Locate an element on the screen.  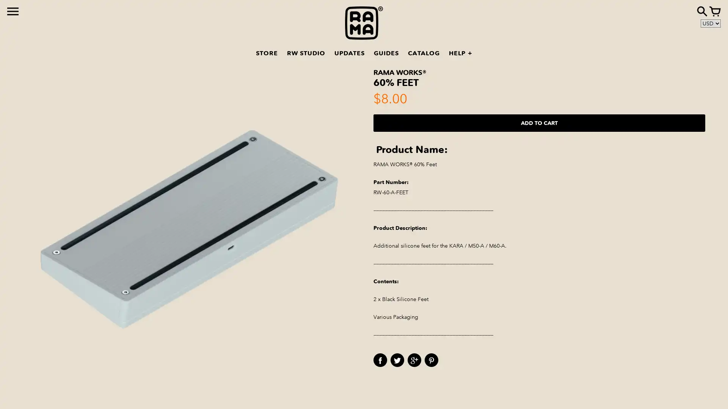
ADD TO CART is located at coordinates (539, 122).